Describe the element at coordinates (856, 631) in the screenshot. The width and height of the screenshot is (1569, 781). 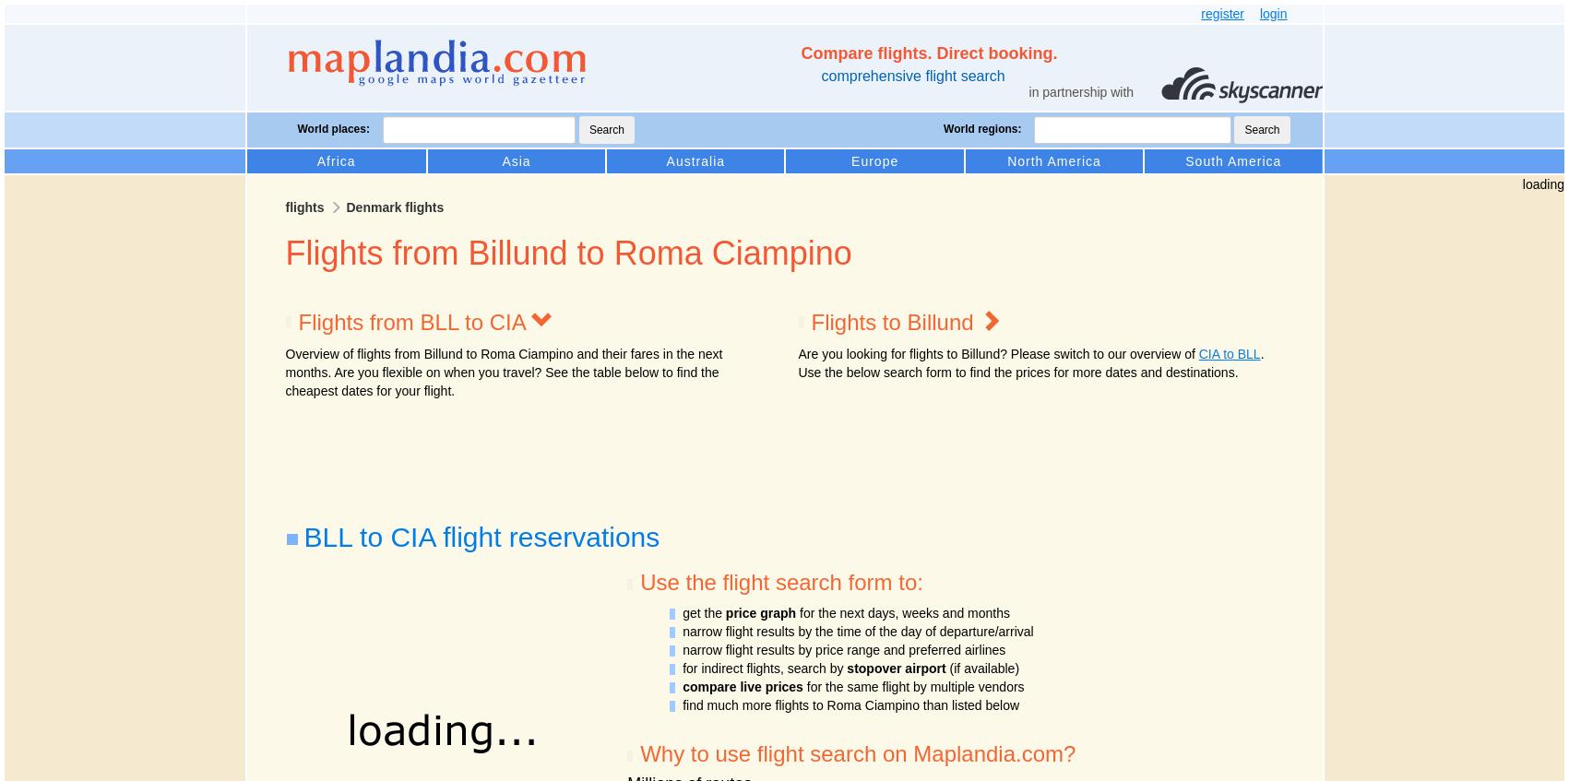
I see `'narrow flight results by the time of the day of departure/arrival'` at that location.